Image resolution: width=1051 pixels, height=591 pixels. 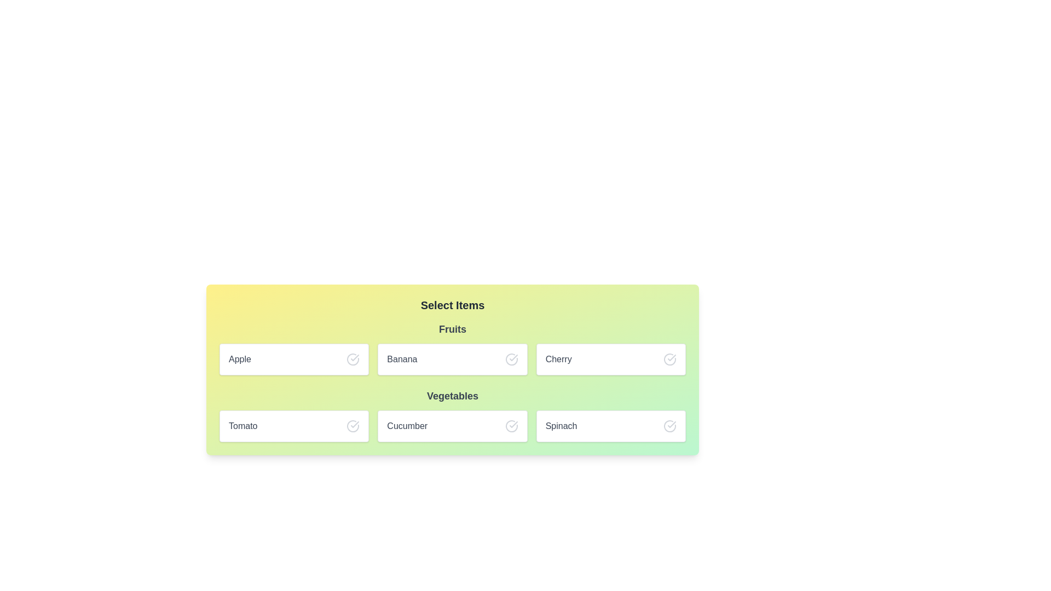 What do you see at coordinates (452, 359) in the screenshot?
I see `the selectable item labeled 'Banana' in the selection grid` at bounding box center [452, 359].